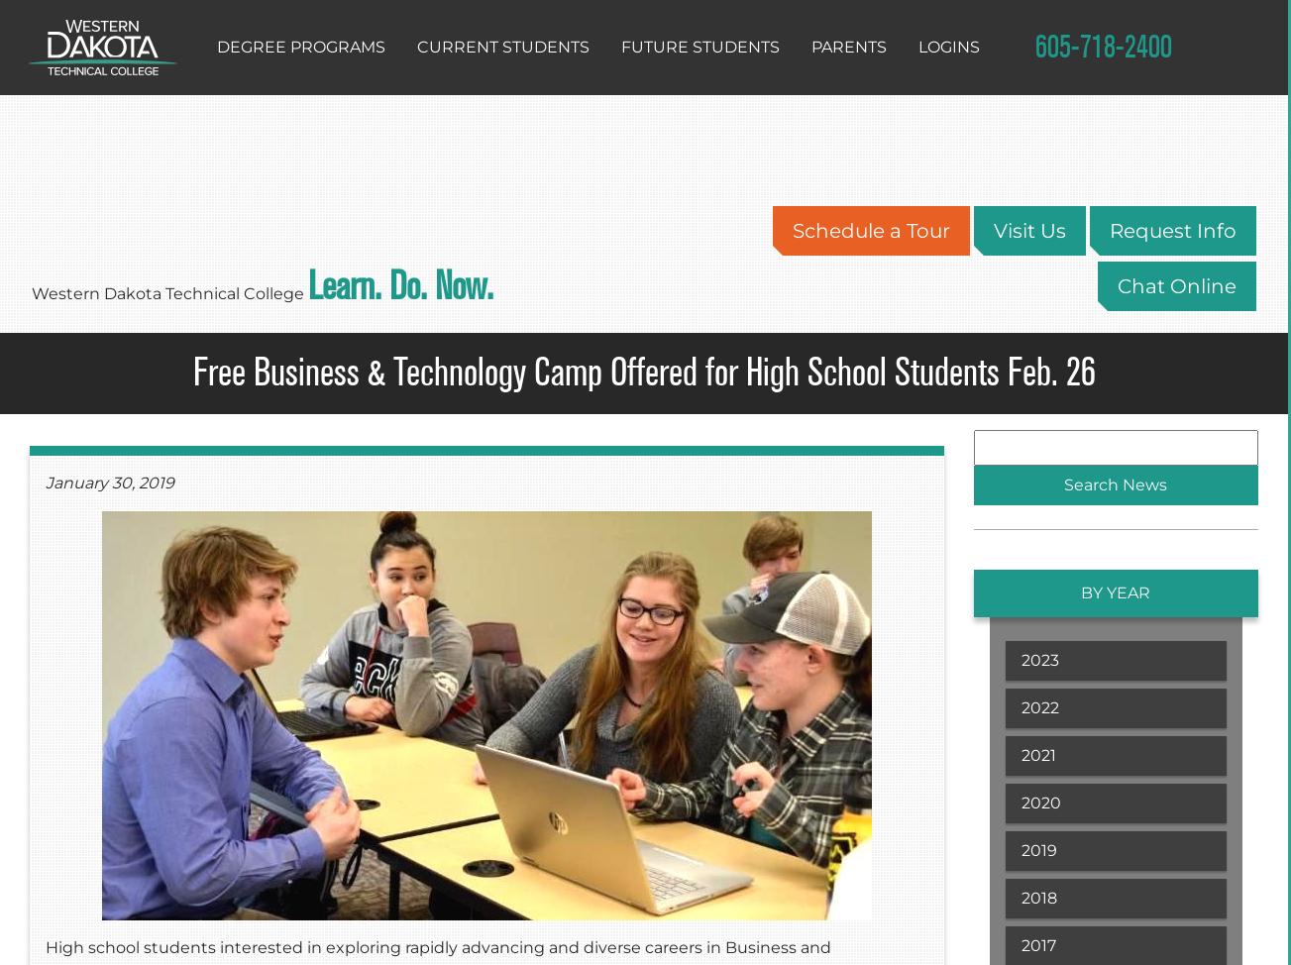 The image size is (1291, 965). Describe the element at coordinates (503, 47) in the screenshot. I see `'Current Students'` at that location.